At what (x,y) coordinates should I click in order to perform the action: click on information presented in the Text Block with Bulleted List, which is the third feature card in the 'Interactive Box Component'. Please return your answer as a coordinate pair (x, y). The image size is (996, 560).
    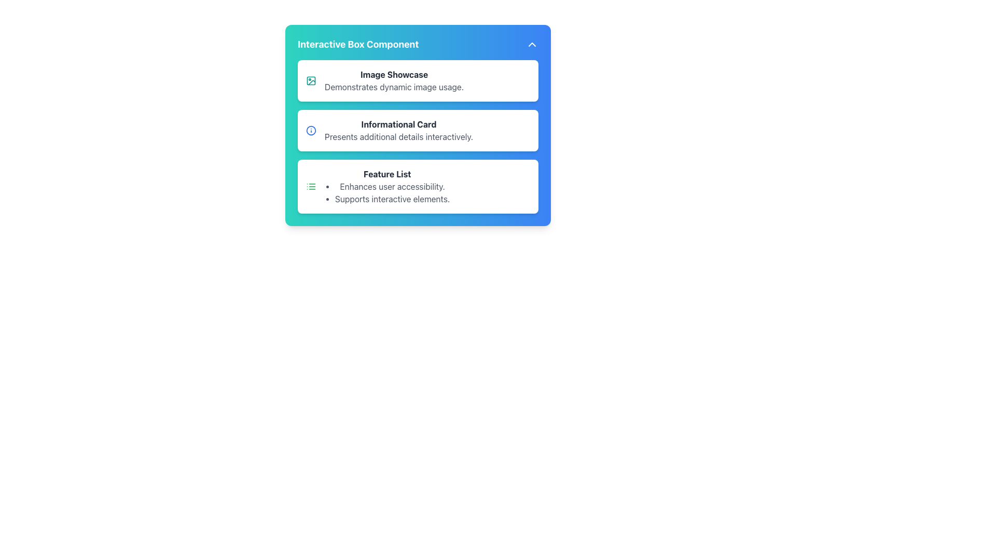
    Looking at the image, I should click on (386, 186).